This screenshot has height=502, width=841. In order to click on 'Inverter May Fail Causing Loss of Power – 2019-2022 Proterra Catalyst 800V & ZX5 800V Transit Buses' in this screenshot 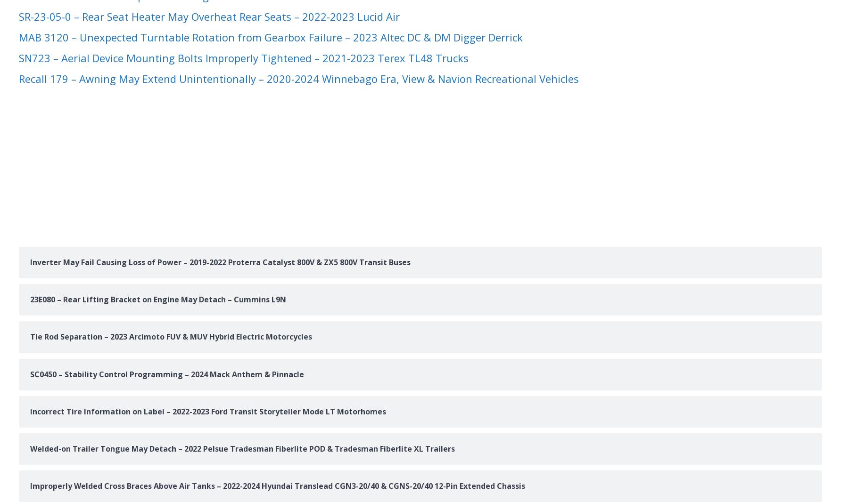, I will do `click(220, 261)`.